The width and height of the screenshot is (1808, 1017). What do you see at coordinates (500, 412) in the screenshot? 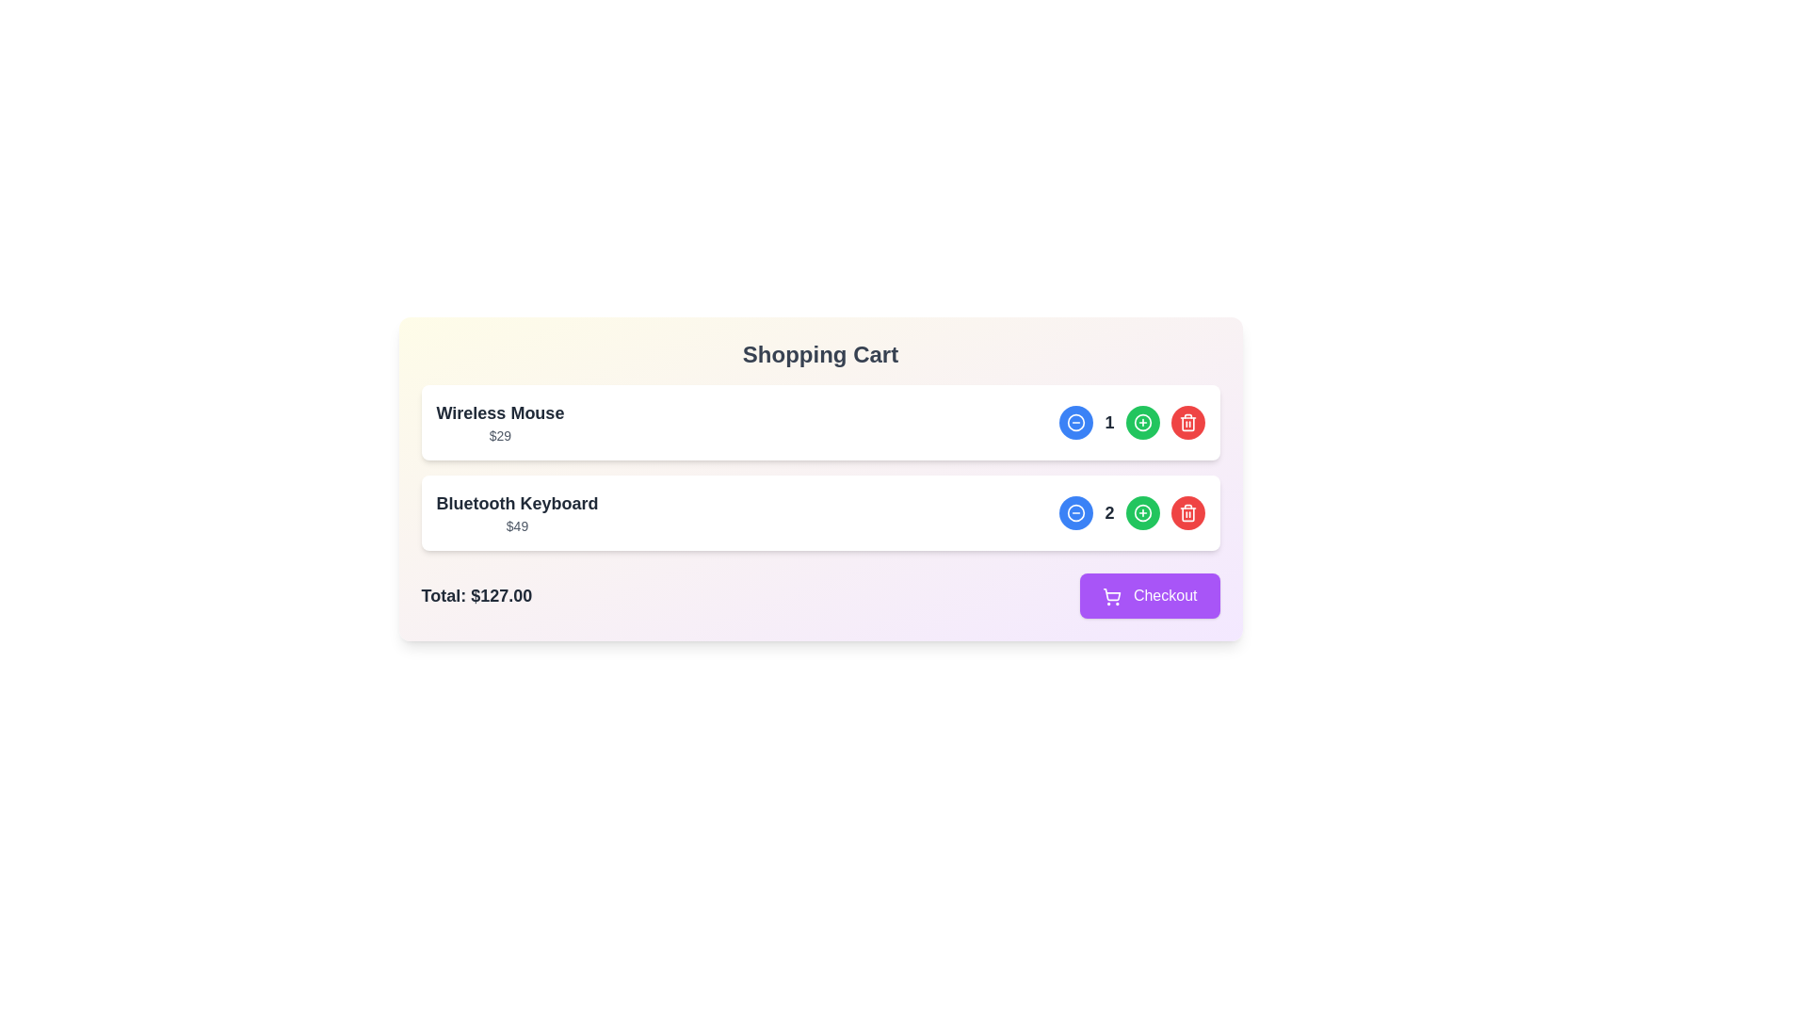
I see `the product title text label located at the top of the product card in the shopping cart interface` at bounding box center [500, 412].